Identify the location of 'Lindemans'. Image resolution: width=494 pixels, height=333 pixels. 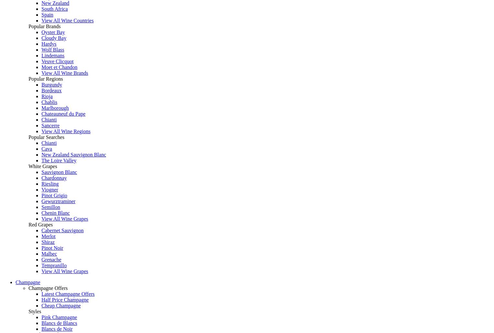
(52, 55).